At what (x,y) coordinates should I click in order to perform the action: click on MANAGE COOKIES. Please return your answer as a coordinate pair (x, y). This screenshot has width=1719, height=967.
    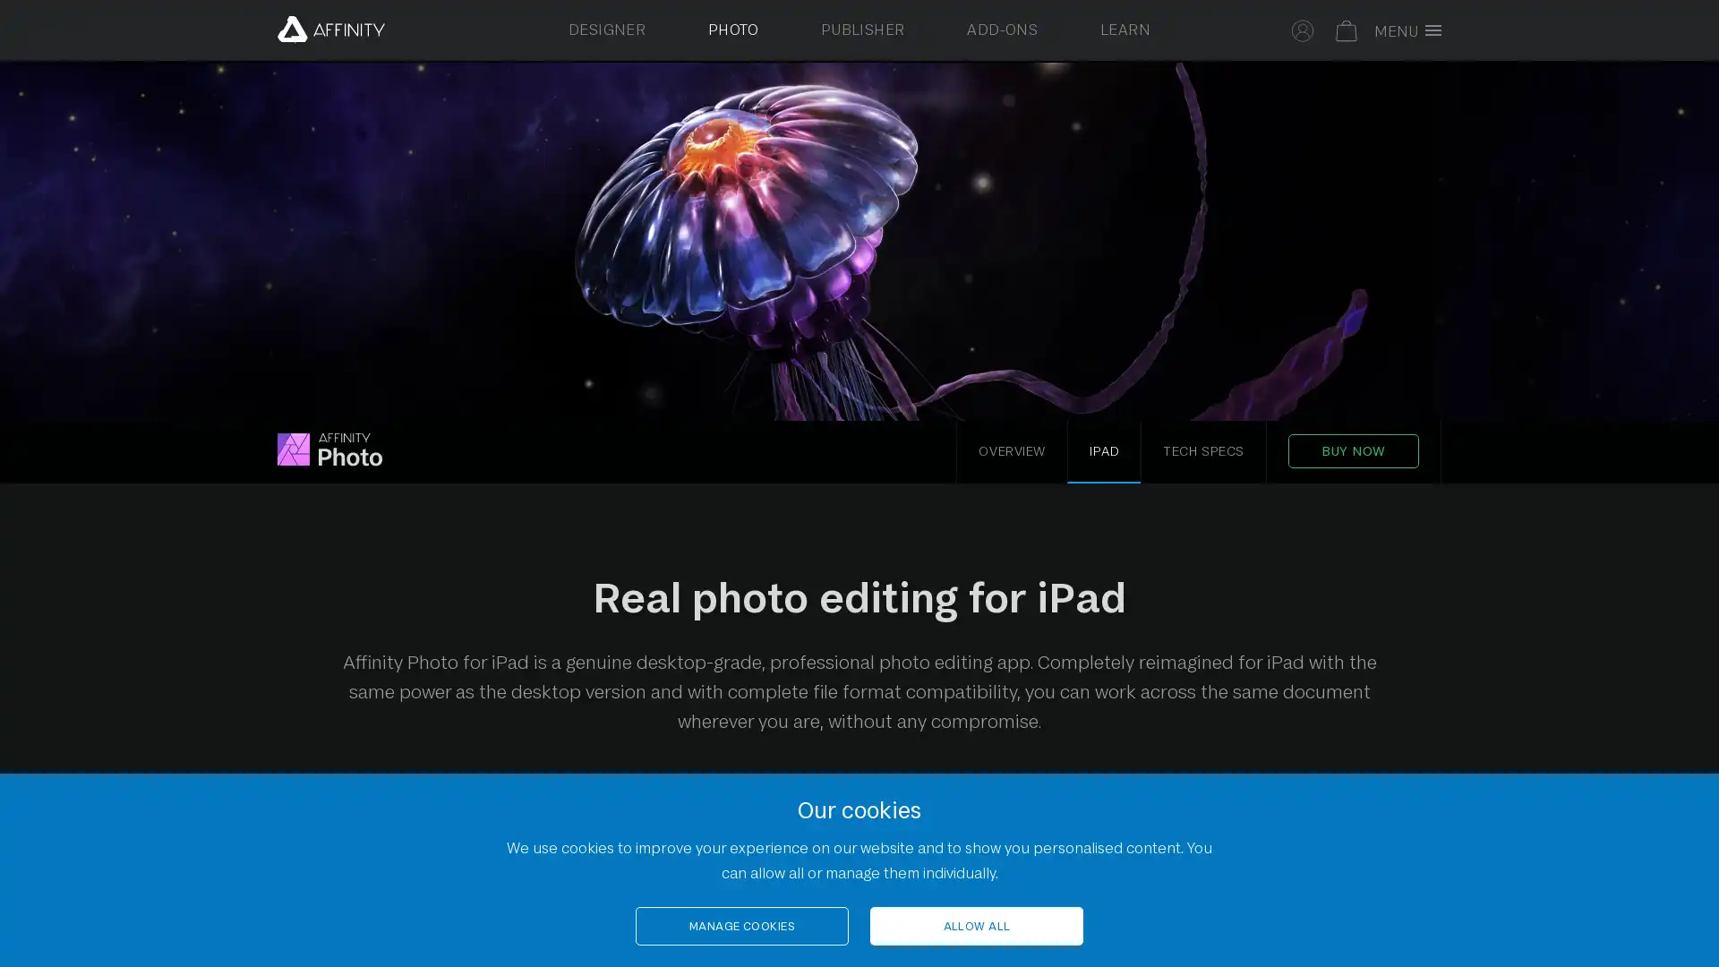
    Looking at the image, I should click on (742, 926).